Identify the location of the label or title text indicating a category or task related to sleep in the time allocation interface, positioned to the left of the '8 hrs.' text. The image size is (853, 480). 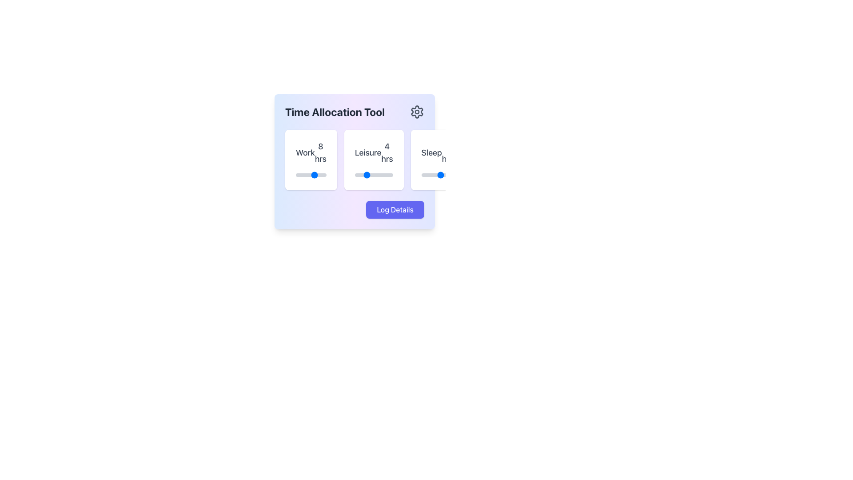
(431, 152).